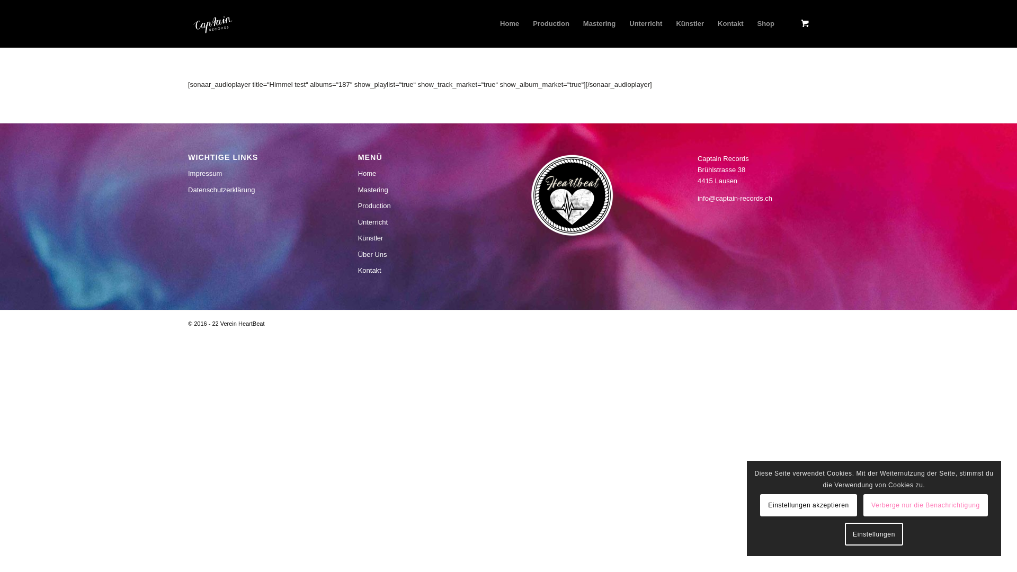 Image resolution: width=1017 pixels, height=572 pixels. What do you see at coordinates (358, 222) in the screenshot?
I see `'Unterricht'` at bounding box center [358, 222].